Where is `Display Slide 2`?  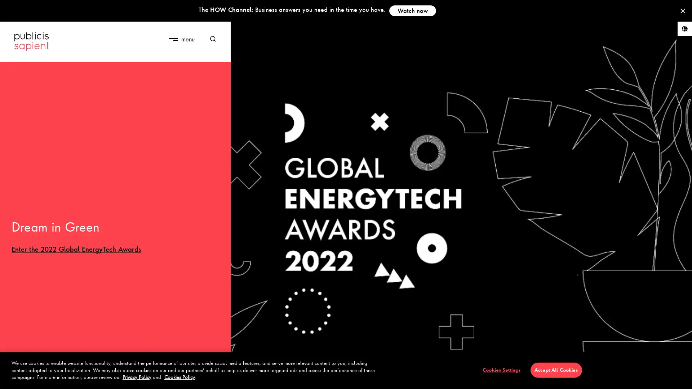
Display Slide 2 is located at coordinates (34, 379).